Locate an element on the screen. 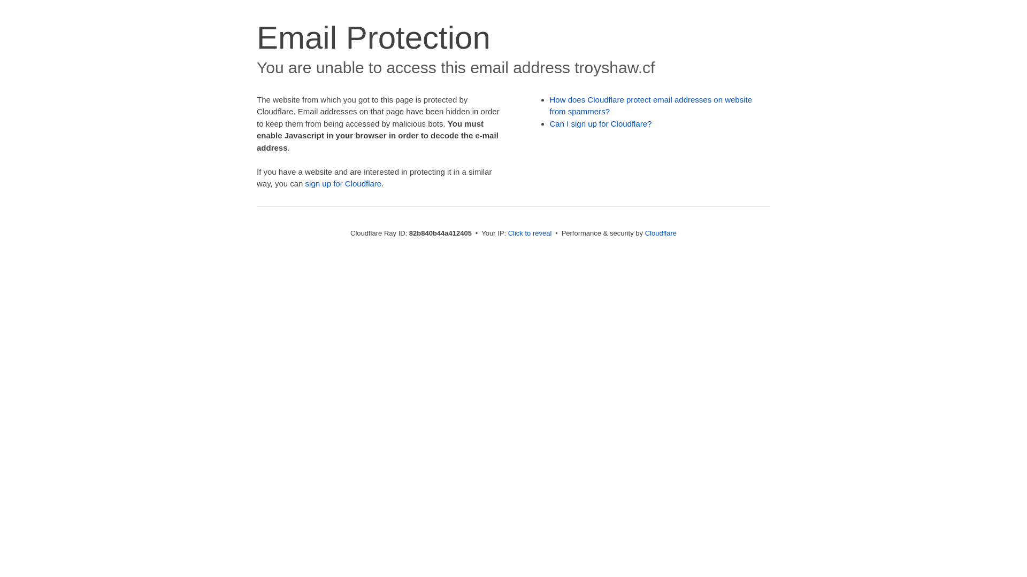 Image resolution: width=1027 pixels, height=577 pixels. 'Click to reveal' is located at coordinates (508, 232).